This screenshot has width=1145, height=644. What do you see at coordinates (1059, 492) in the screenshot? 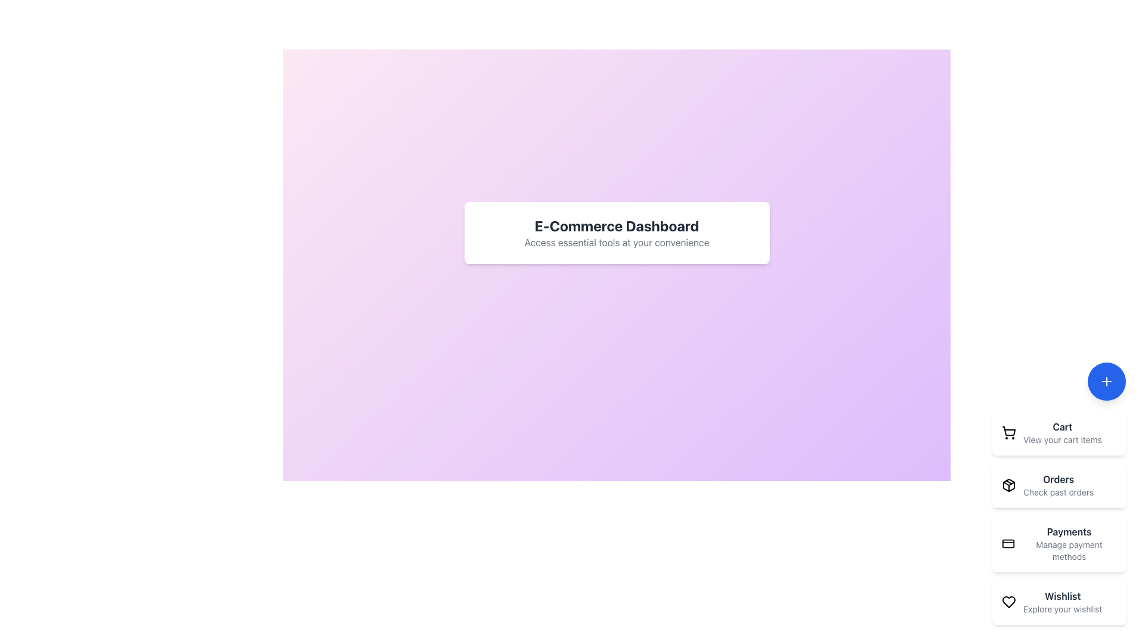
I see `the 'Check past orders' text label, which is styled in gray and located beneath the 'Orders' title in the right-hand vertical menu` at bounding box center [1059, 492].